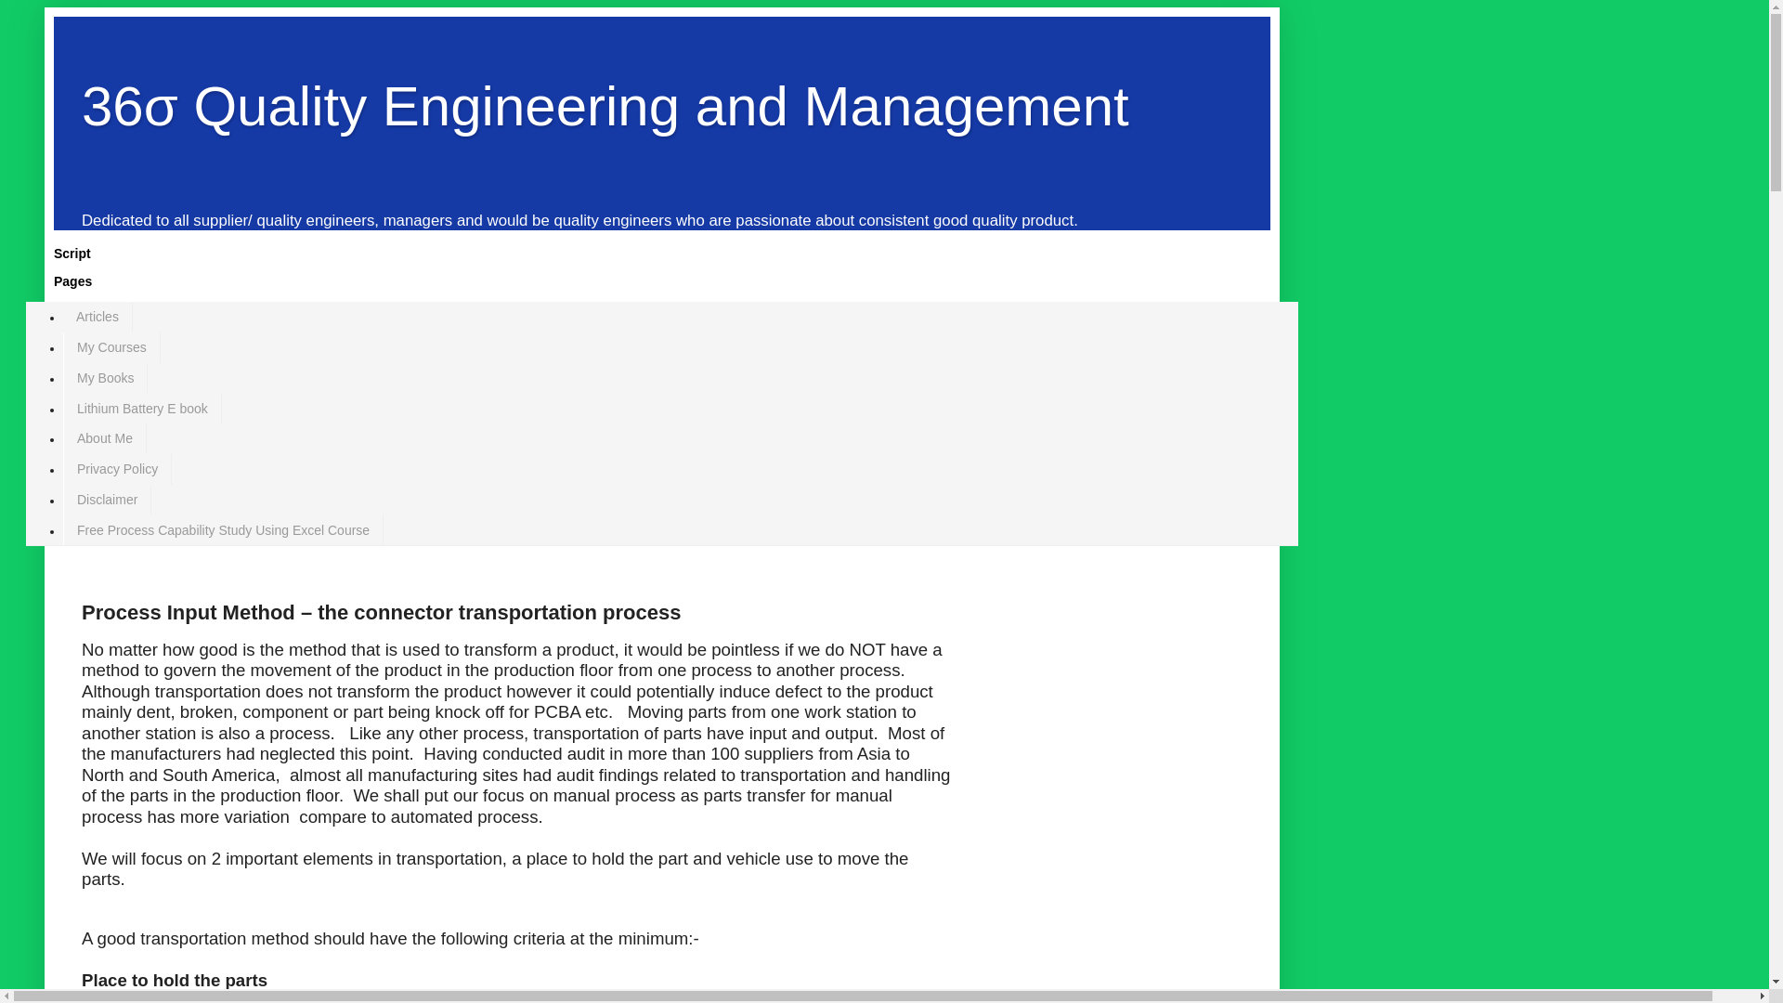 This screenshot has height=1003, width=1783. Describe the element at coordinates (104, 377) in the screenshot. I see `'My Books'` at that location.